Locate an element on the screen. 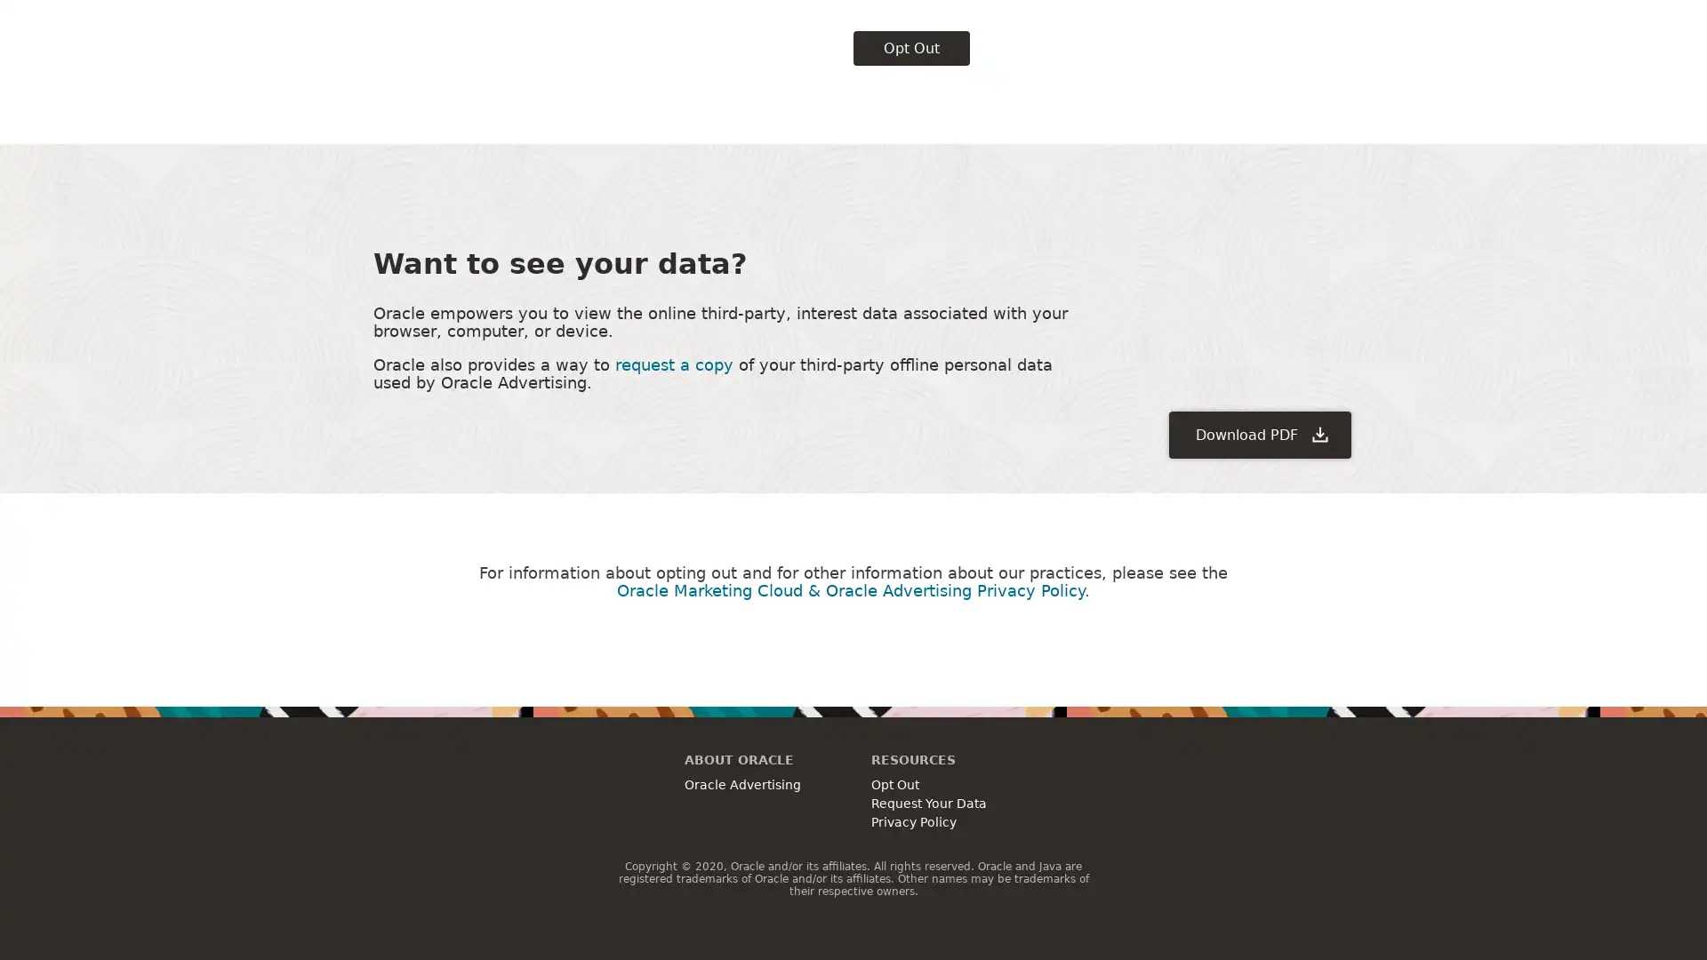 The image size is (1707, 960). Download PDF is located at coordinates (1259, 301).